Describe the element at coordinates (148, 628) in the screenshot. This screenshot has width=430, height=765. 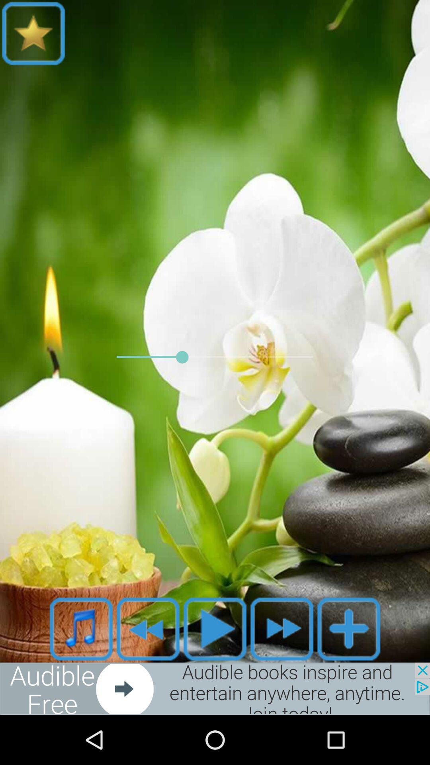
I see `rewind` at that location.